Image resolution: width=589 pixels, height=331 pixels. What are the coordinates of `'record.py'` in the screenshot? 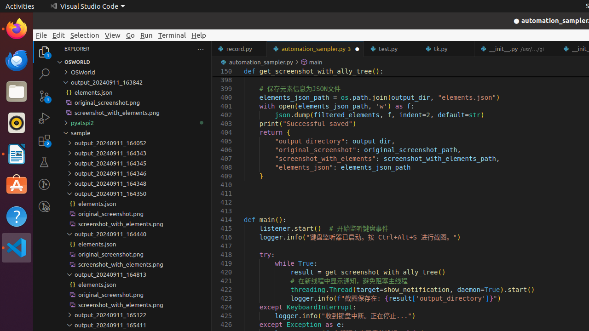 It's located at (239, 49).